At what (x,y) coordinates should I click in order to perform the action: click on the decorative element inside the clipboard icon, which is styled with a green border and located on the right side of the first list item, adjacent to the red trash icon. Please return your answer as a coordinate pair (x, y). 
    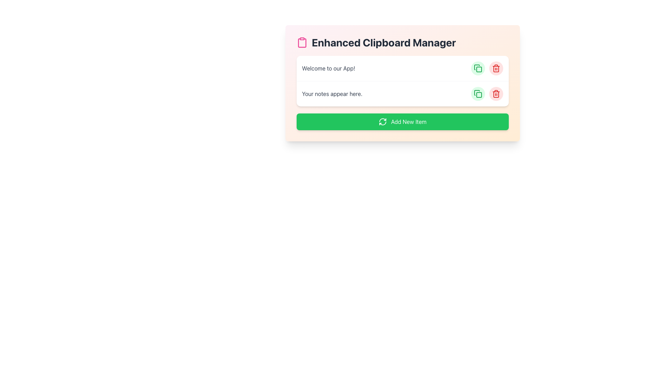
    Looking at the image, I should click on (478, 69).